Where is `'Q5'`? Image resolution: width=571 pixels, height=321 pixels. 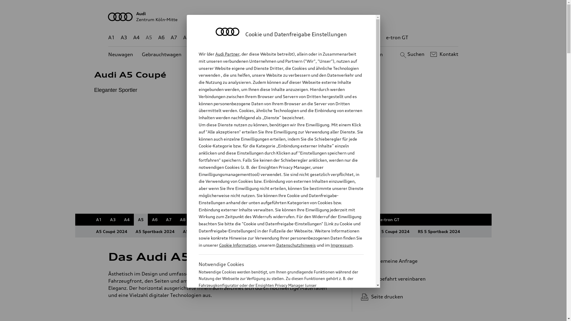
'Q5' is located at coordinates (253, 37).